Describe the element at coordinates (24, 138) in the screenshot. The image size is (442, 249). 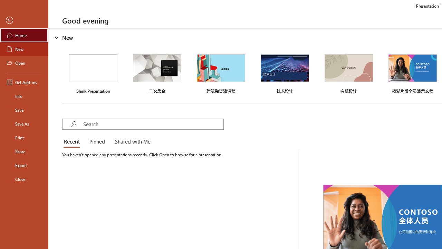
I see `'Print'` at that location.